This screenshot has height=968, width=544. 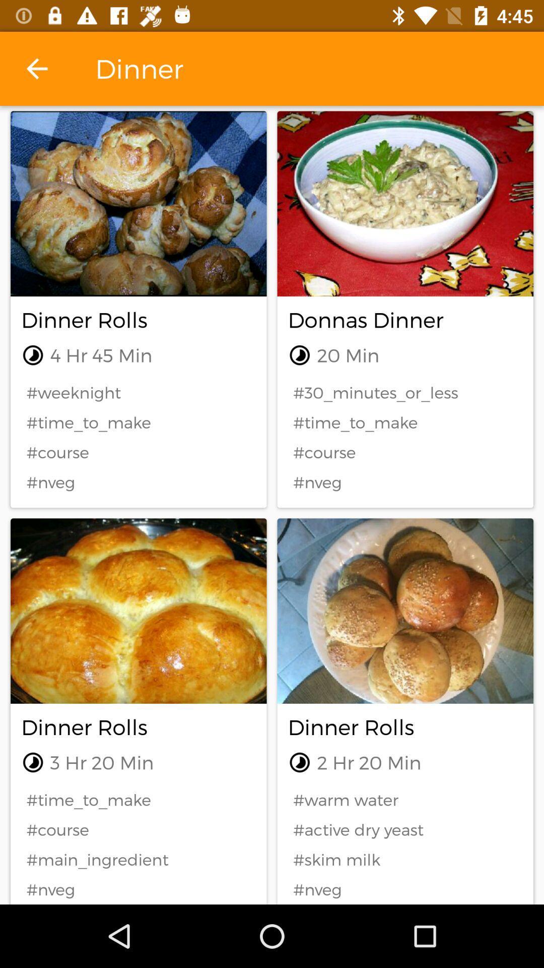 What do you see at coordinates (139, 859) in the screenshot?
I see `#main_ingredient` at bounding box center [139, 859].